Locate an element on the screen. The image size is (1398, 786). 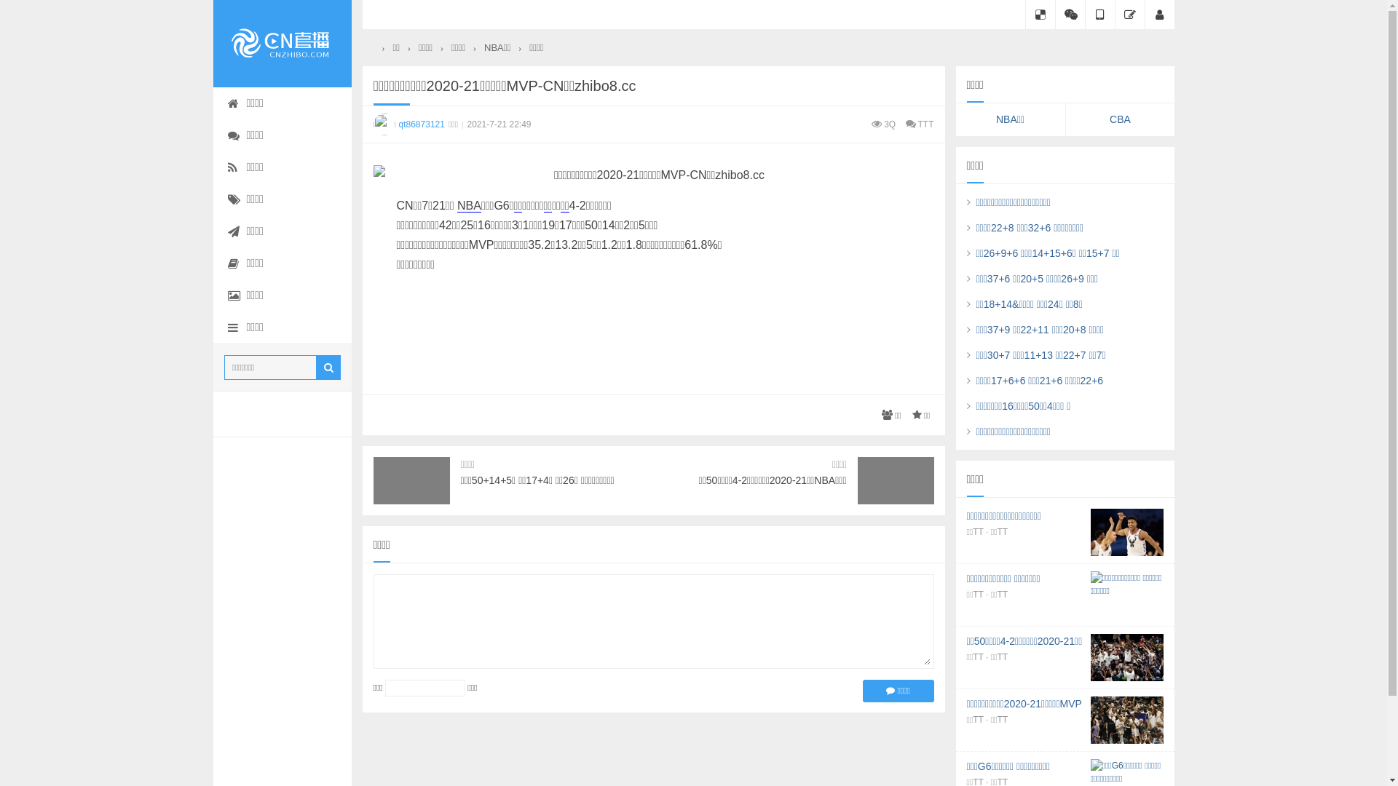
'CBA' is located at coordinates (1120, 119).